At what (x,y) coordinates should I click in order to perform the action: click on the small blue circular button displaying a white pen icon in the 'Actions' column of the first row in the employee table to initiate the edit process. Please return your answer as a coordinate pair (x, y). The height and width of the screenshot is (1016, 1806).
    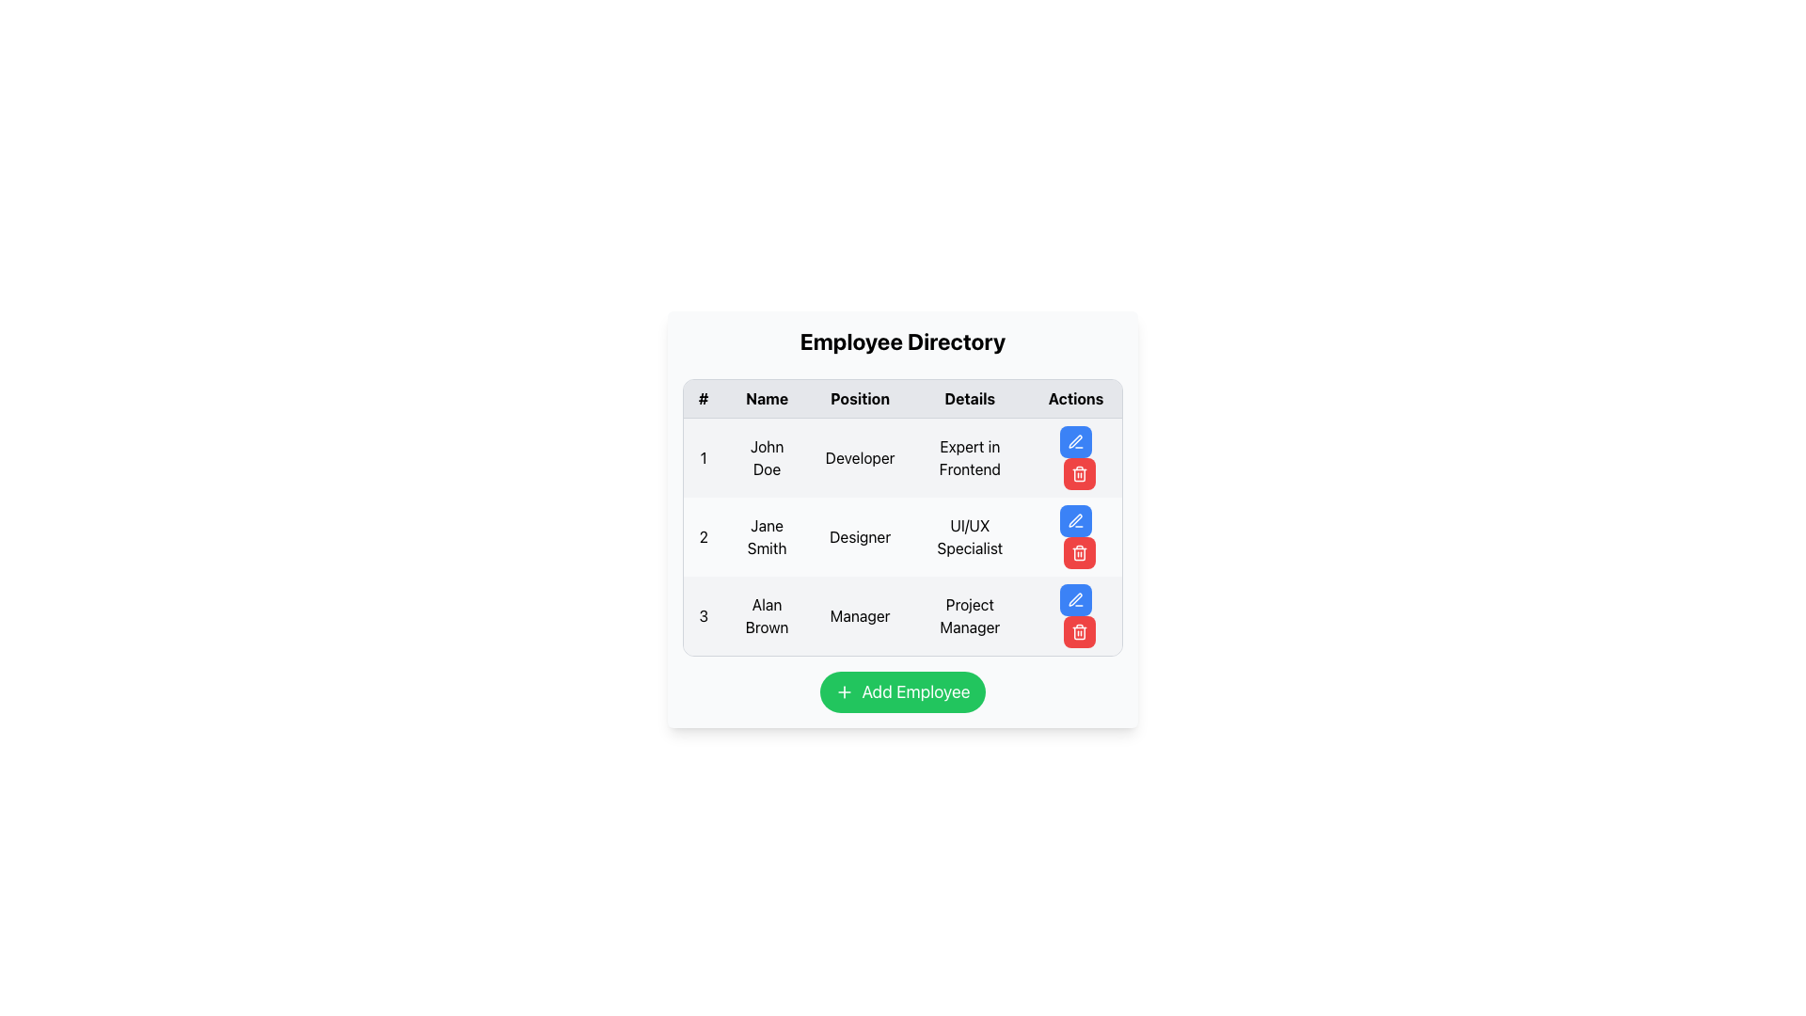
    Looking at the image, I should click on (1076, 442).